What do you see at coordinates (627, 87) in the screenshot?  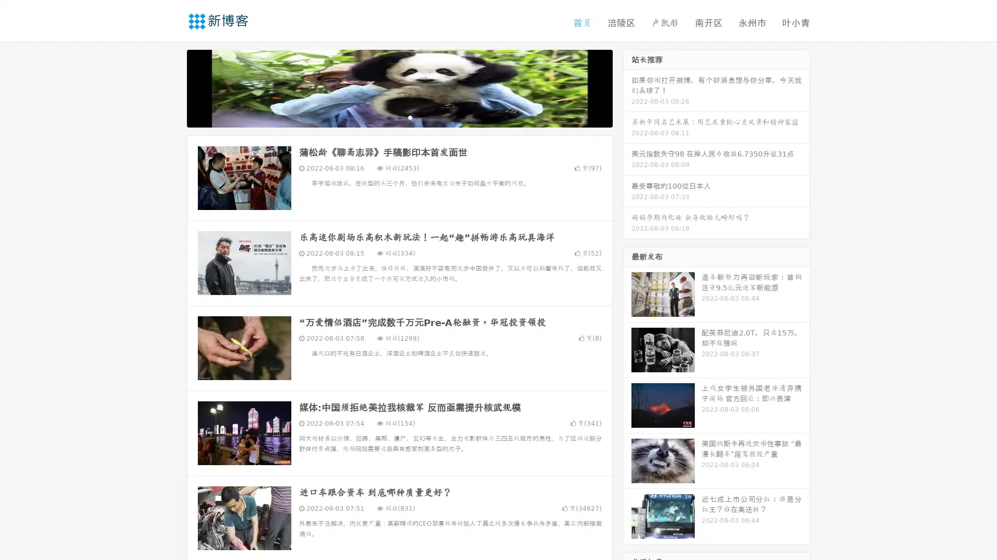 I see `Next slide` at bounding box center [627, 87].